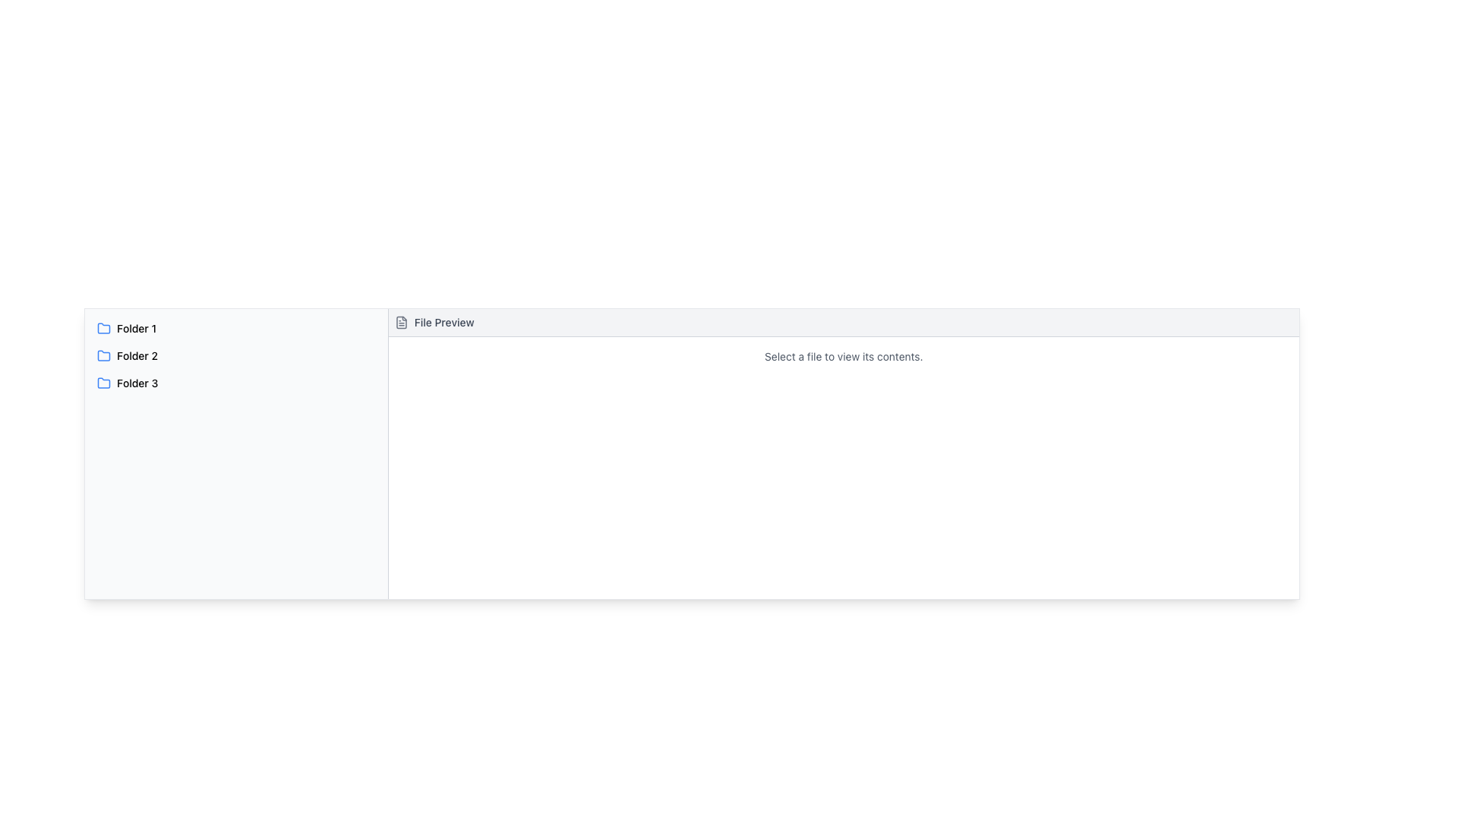 The image size is (1458, 820). Describe the element at coordinates (235, 356) in the screenshot. I see `the list item representing 'Folder 2'` at that location.